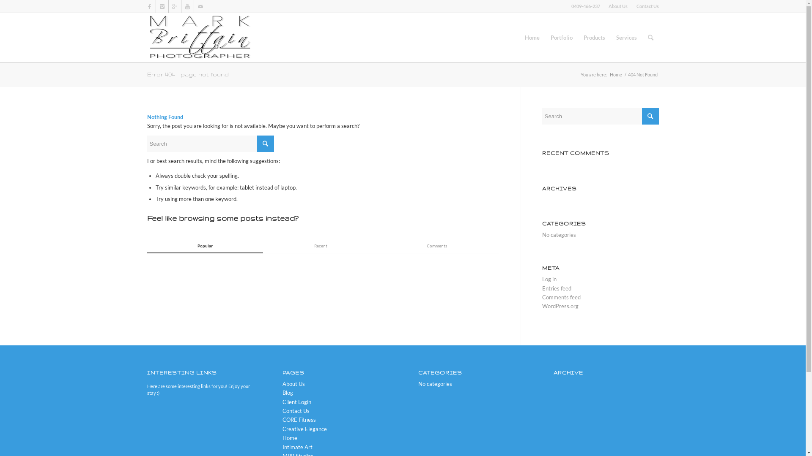  I want to click on 'About Us', so click(294, 384).